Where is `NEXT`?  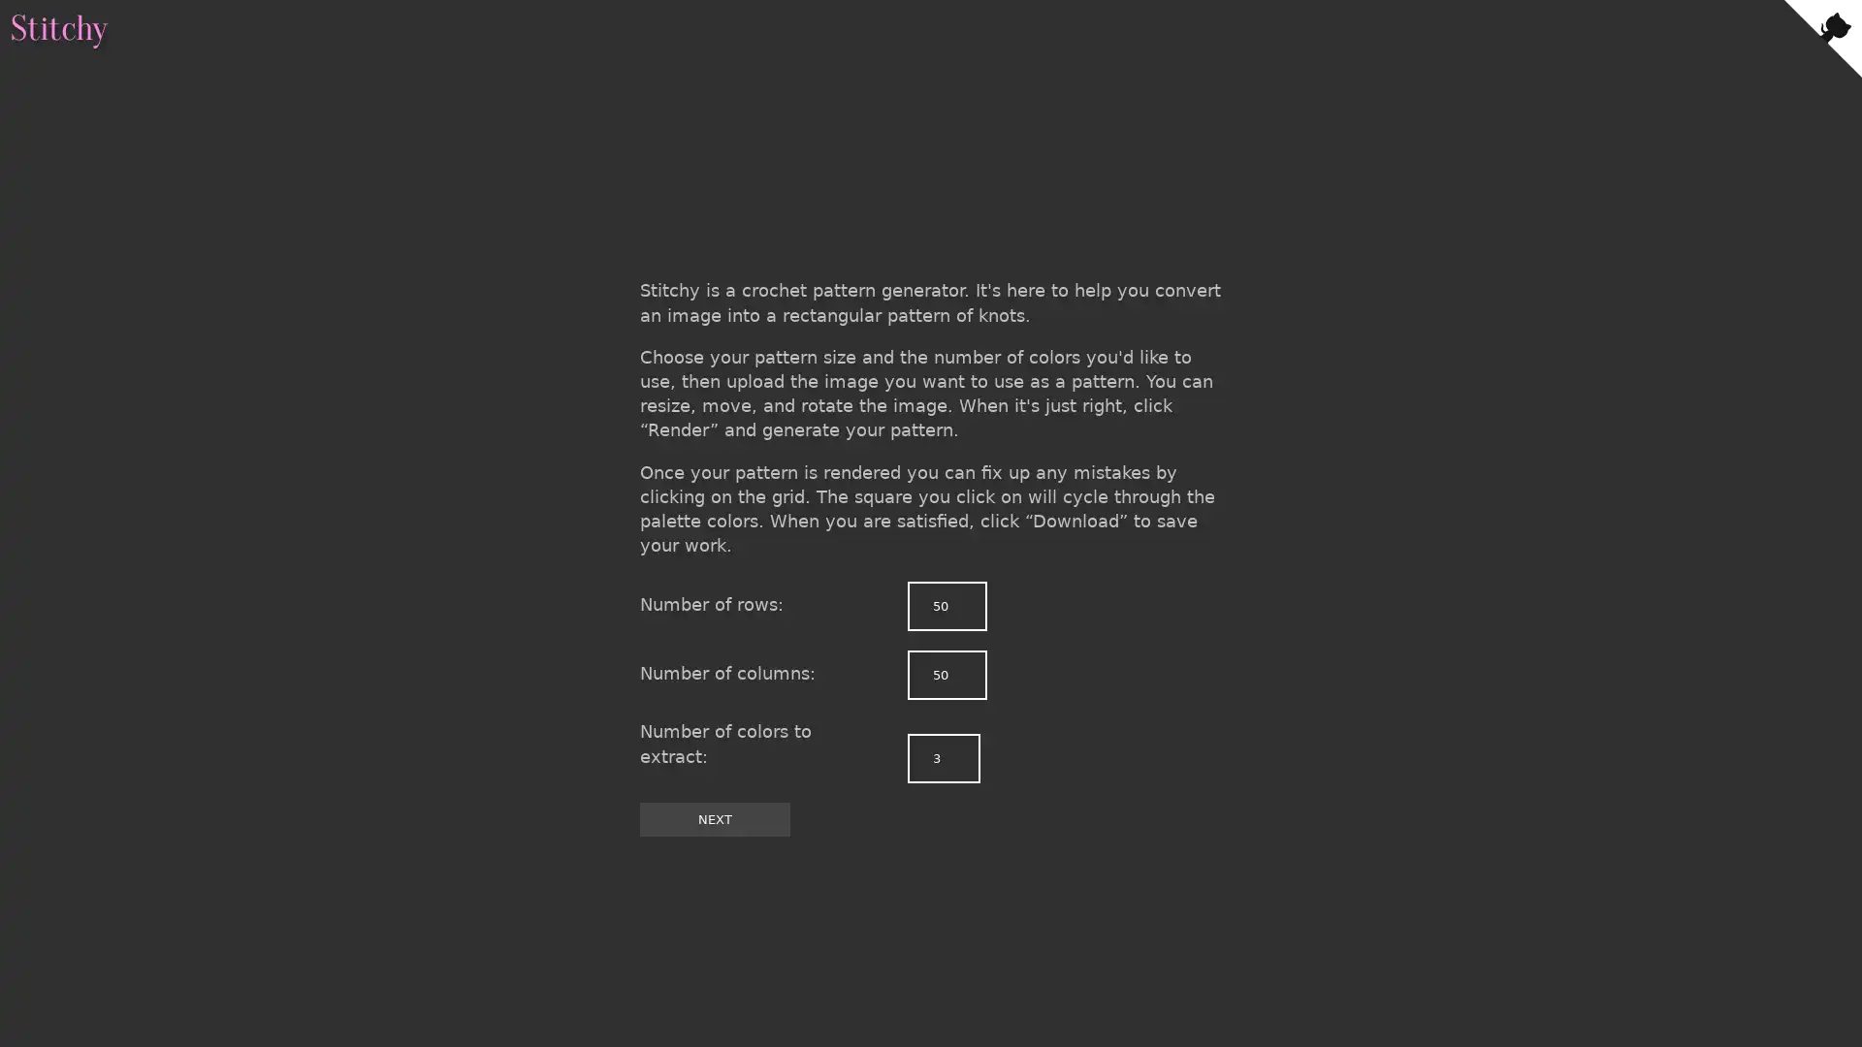
NEXT is located at coordinates (714, 818).